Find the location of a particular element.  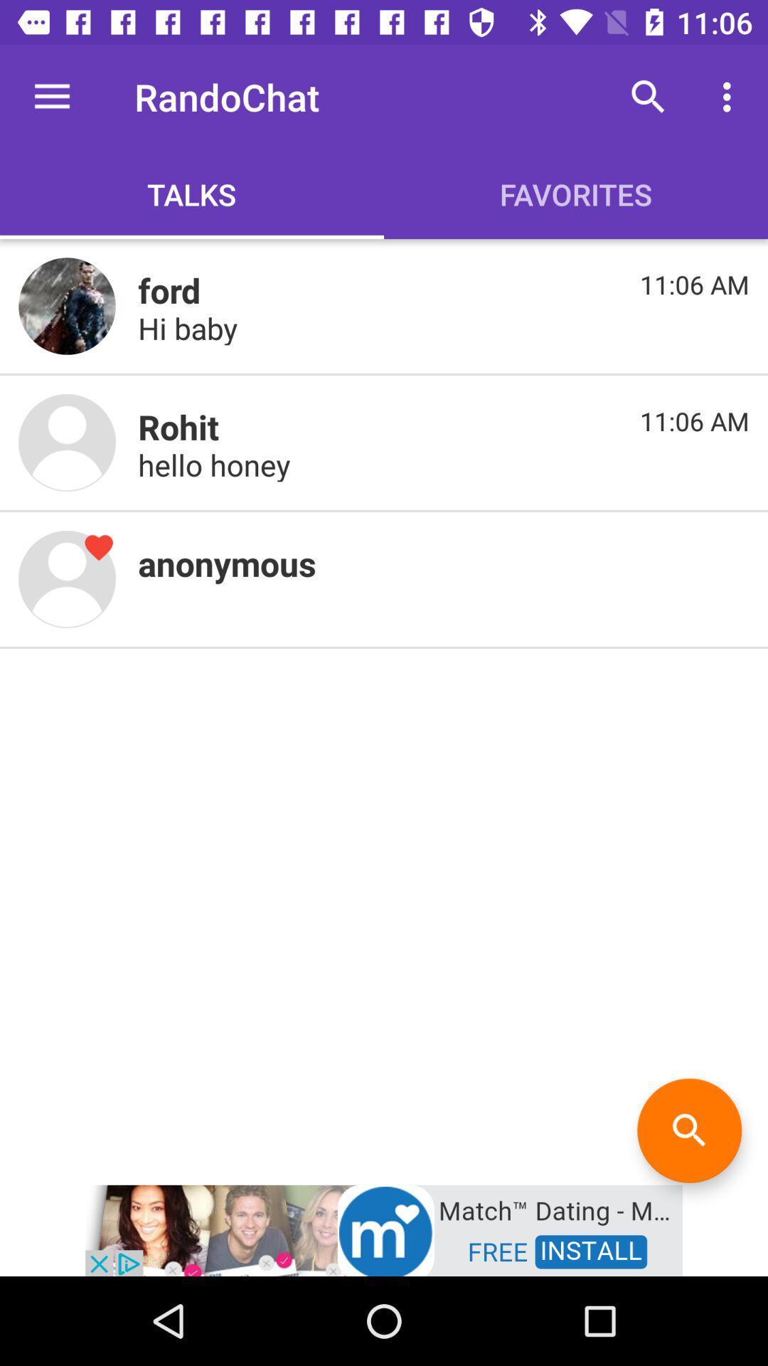

open profile image is located at coordinates (67, 579).